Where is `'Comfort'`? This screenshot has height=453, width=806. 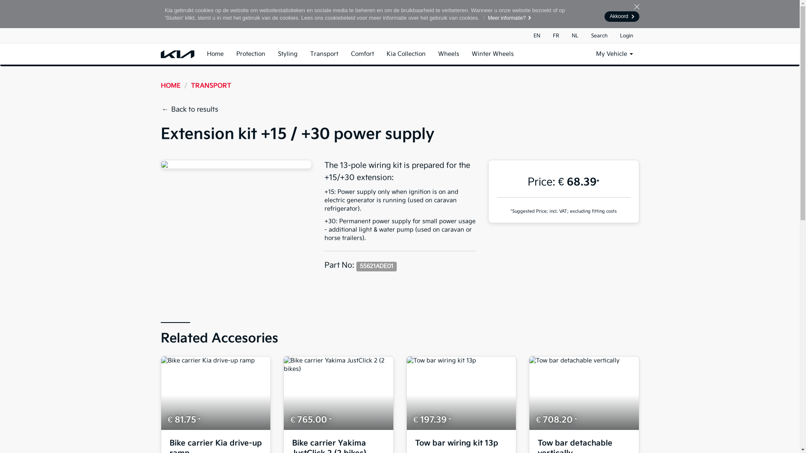
'Comfort' is located at coordinates (362, 54).